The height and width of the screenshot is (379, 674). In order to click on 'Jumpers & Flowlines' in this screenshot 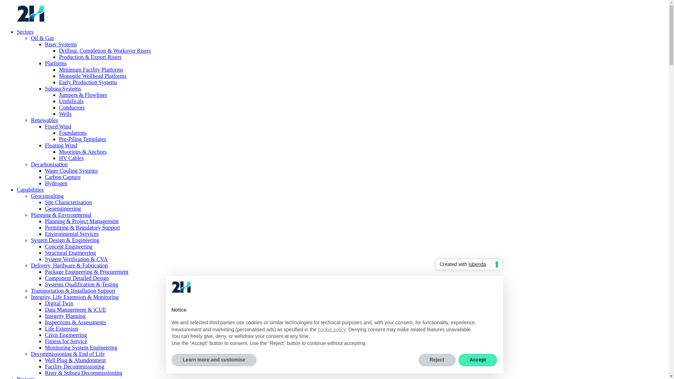, I will do `click(83, 95)`.